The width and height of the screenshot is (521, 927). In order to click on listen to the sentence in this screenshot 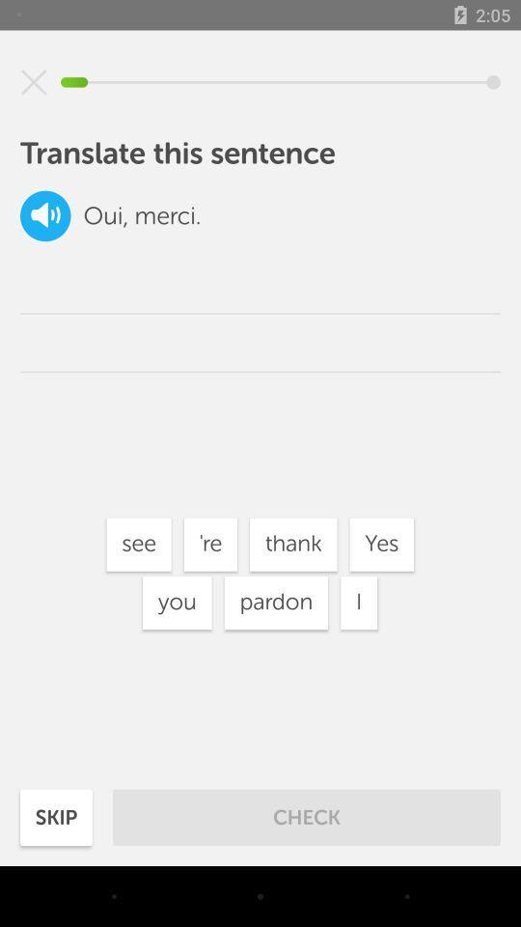, I will do `click(45, 215)`.